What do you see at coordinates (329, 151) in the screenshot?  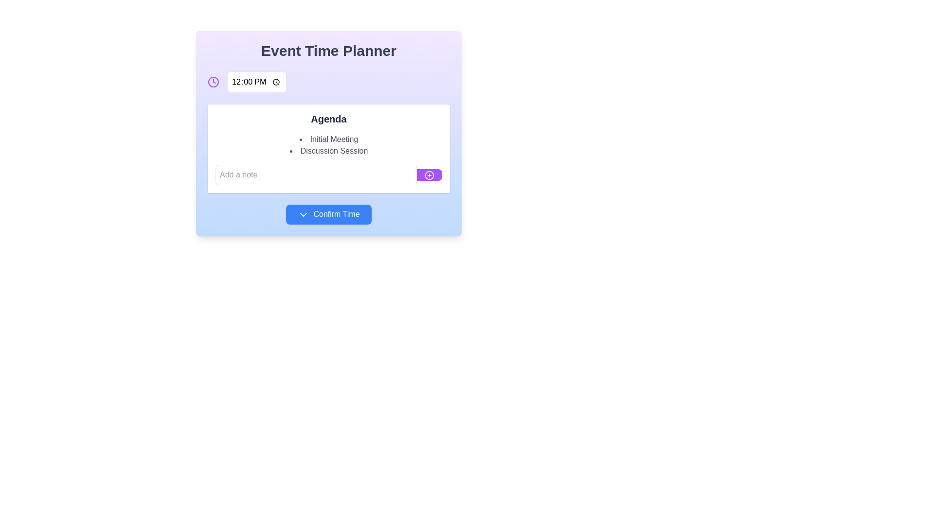 I see `the static text item displaying 'Discussion Session' in the Agenda section of the Event Time Planner, located below 'Initial Meeting'` at bounding box center [329, 151].